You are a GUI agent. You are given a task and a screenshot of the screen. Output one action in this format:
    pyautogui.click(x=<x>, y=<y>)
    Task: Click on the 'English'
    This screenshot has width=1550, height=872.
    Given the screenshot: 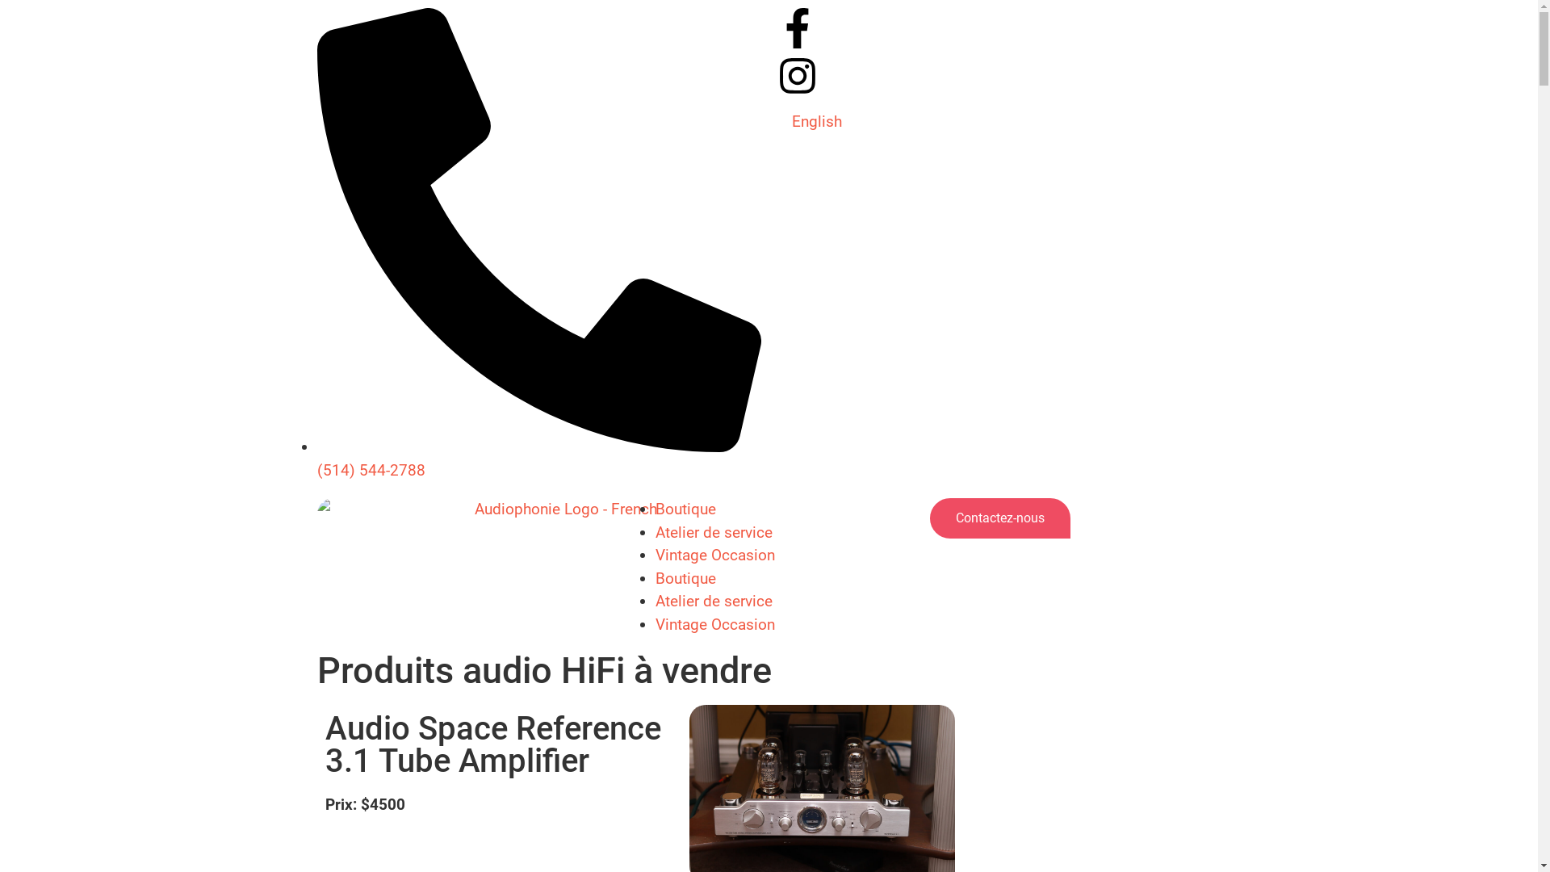 What is the action you would take?
    pyautogui.click(x=816, y=120)
    